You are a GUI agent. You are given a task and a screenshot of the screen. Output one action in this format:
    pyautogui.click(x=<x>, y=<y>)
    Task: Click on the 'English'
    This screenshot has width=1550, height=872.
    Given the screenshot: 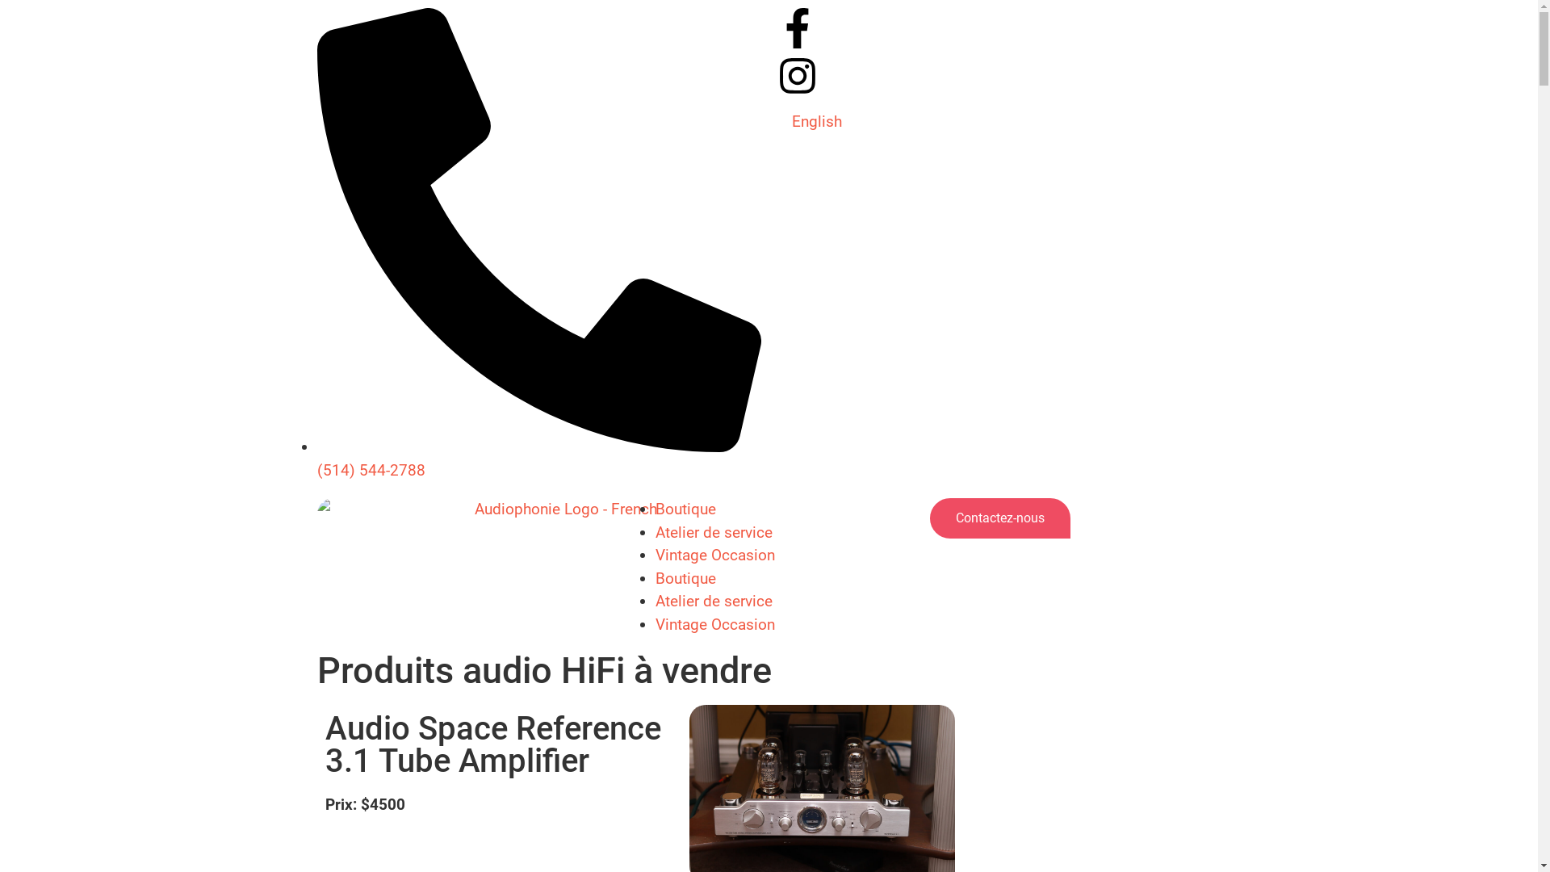 What is the action you would take?
    pyautogui.click(x=816, y=120)
    